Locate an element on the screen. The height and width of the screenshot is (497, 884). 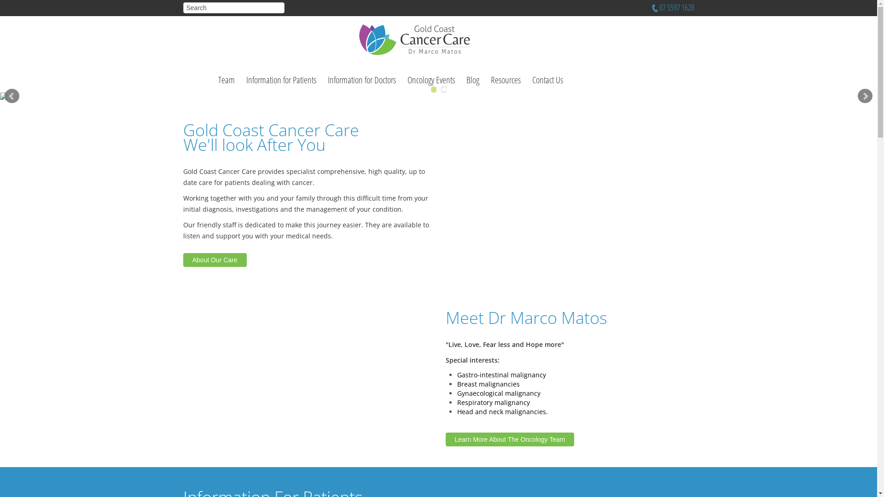
'Contact Us' is located at coordinates (547, 79).